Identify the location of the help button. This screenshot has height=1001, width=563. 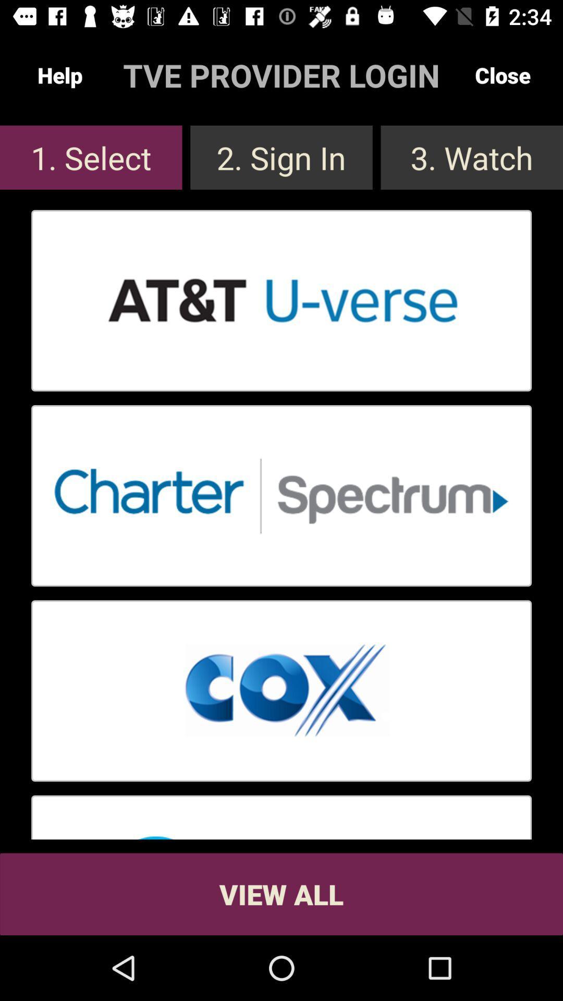
(60, 75).